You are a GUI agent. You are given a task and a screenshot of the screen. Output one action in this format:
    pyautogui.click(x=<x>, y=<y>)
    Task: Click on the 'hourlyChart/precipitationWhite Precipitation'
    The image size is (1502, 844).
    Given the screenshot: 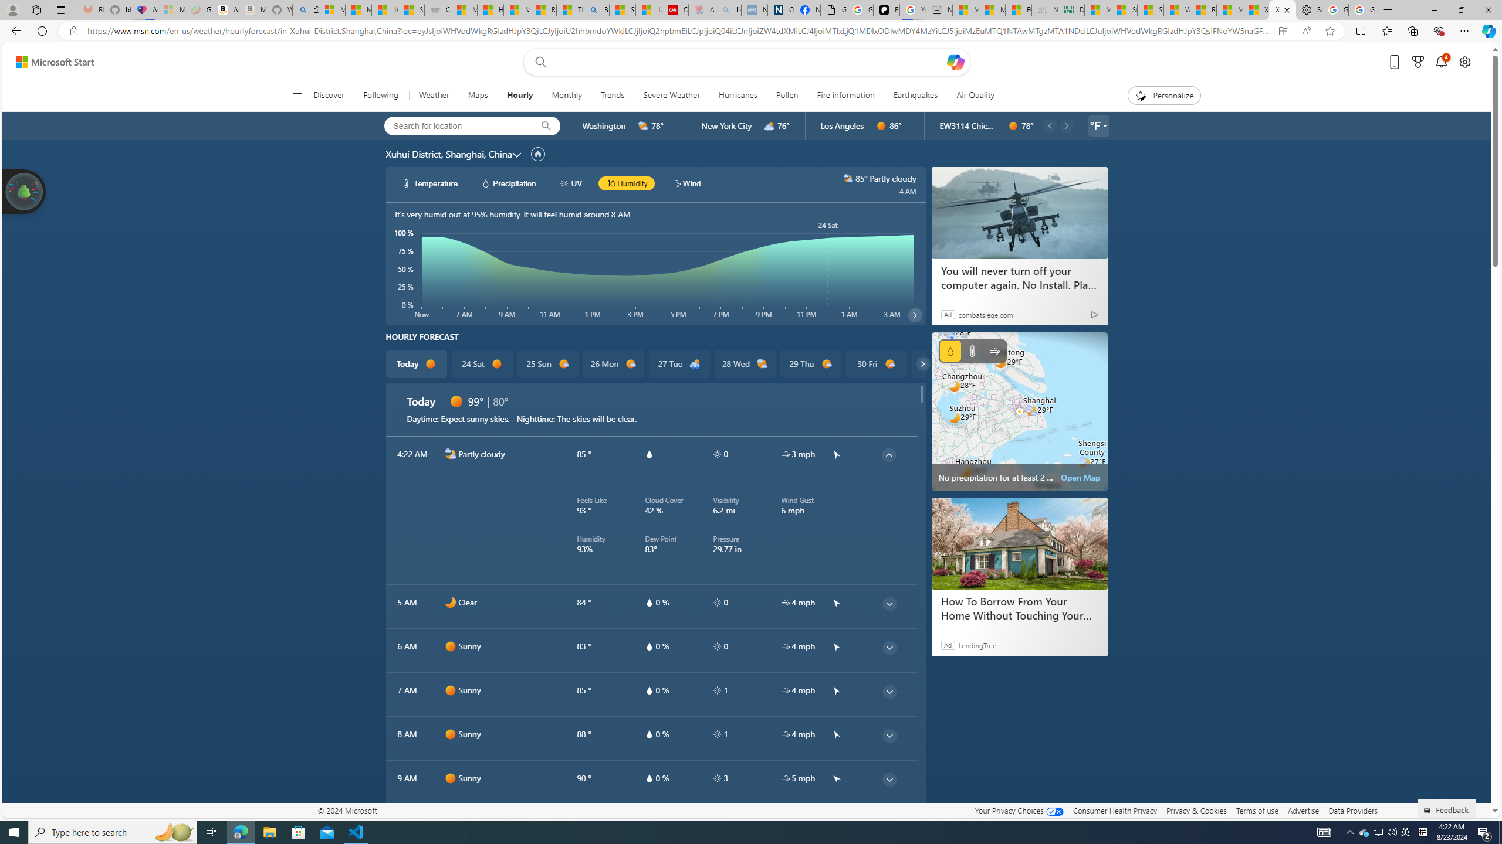 What is the action you would take?
    pyautogui.click(x=509, y=183)
    